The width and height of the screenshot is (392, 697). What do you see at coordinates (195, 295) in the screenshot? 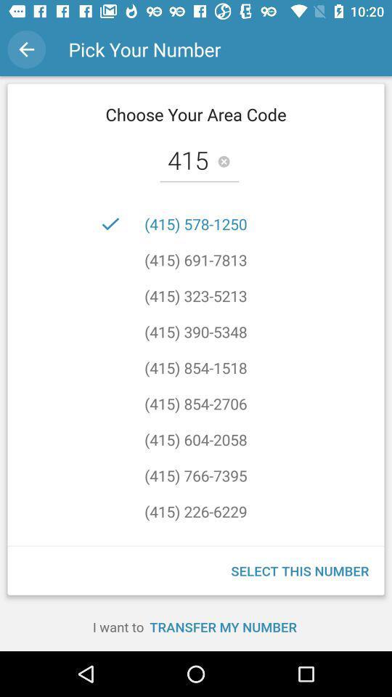
I see `(415) 323-5213` at bounding box center [195, 295].